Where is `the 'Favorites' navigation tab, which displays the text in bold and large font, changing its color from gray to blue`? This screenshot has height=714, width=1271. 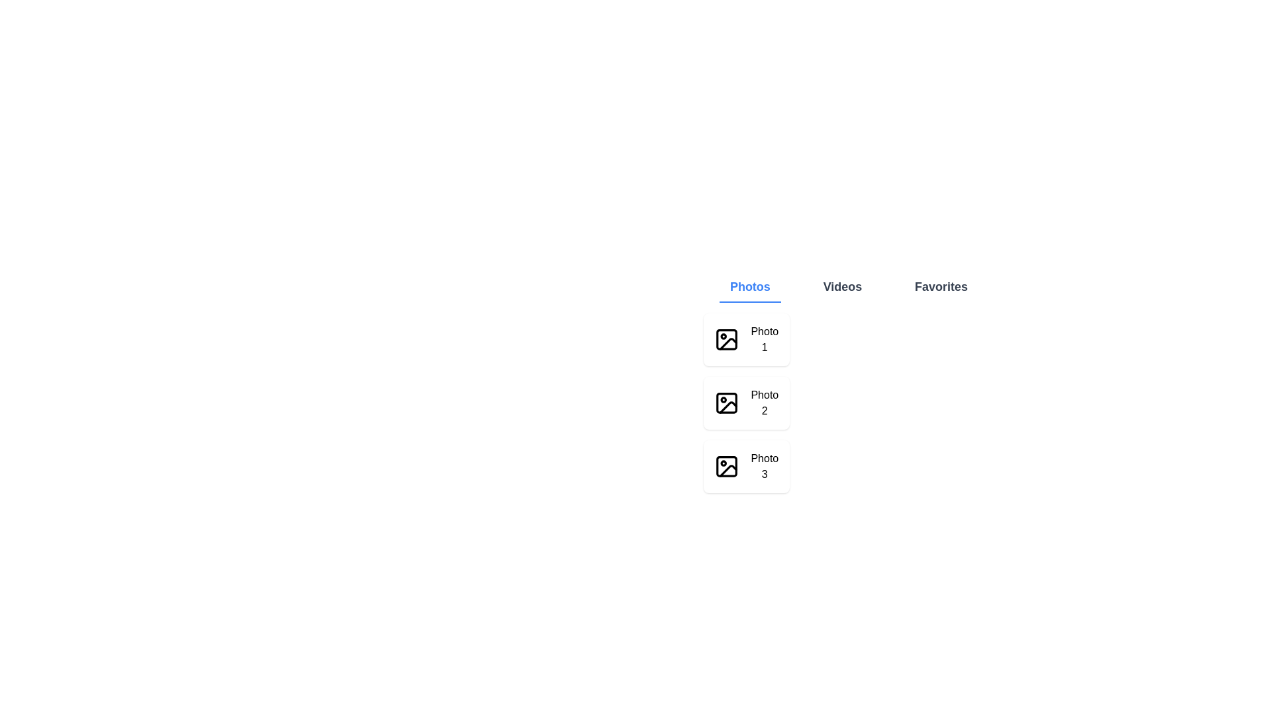
the 'Favorites' navigation tab, which displays the text in bold and large font, changing its color from gray to blue is located at coordinates (941, 287).